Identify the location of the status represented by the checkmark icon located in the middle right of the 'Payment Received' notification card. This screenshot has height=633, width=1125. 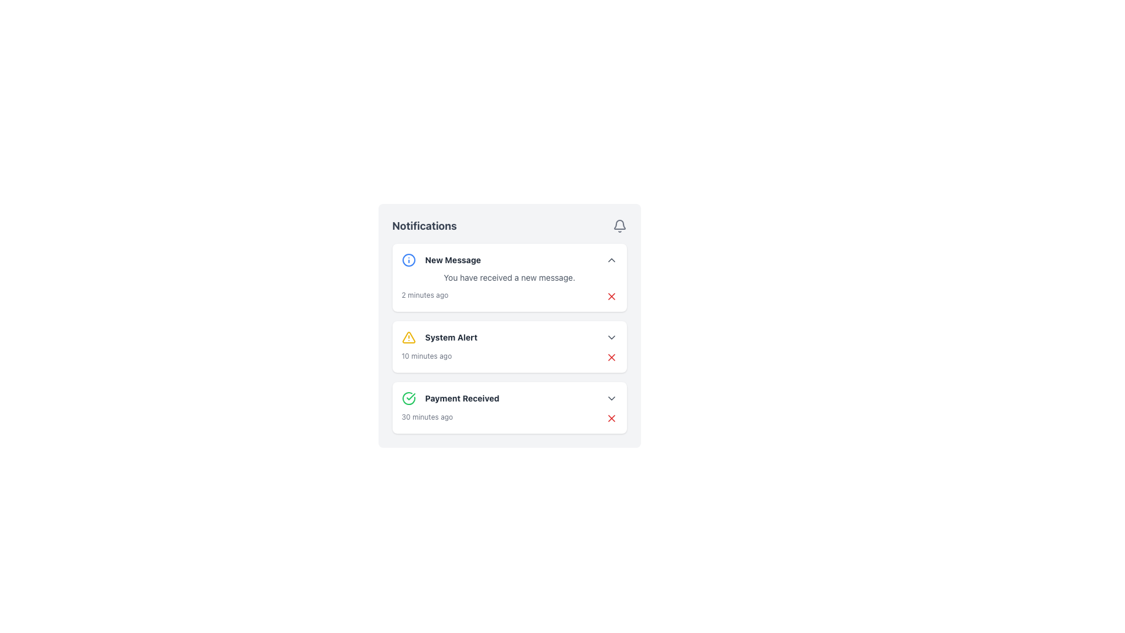
(410, 396).